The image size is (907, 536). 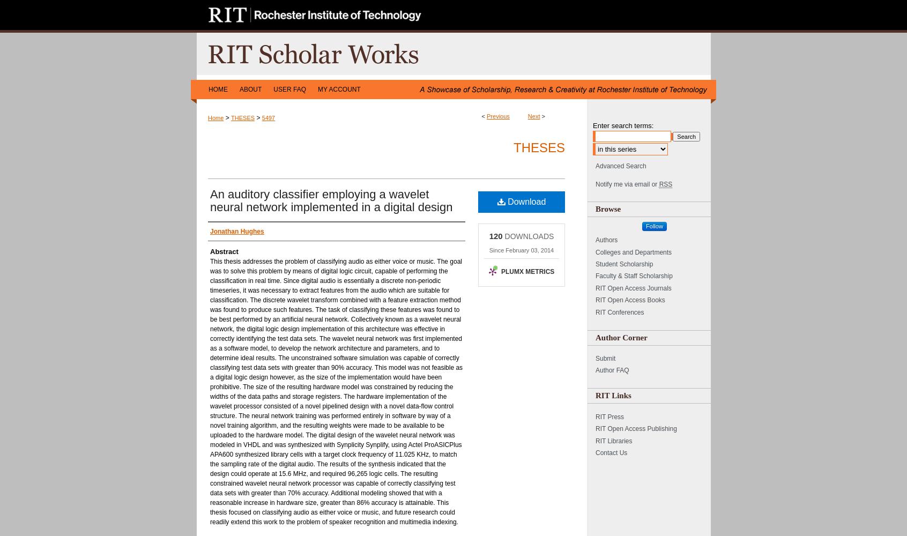 What do you see at coordinates (620, 166) in the screenshot?
I see `'Advanced Search'` at bounding box center [620, 166].